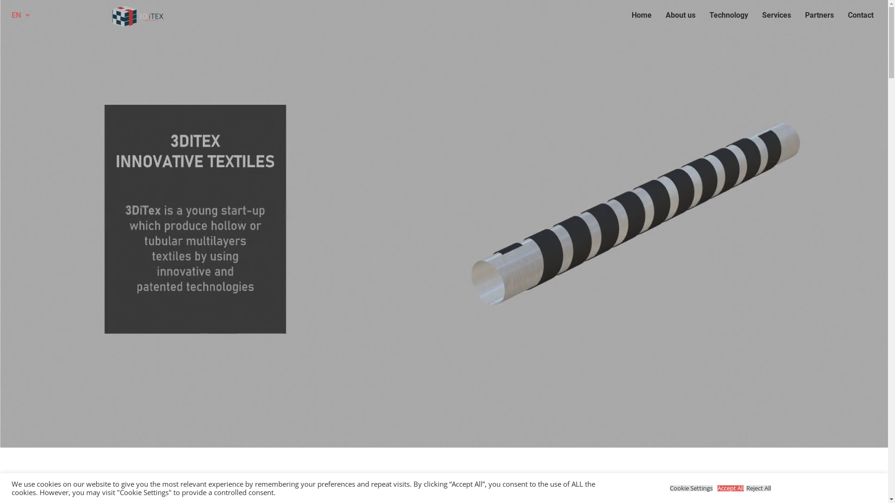 The image size is (895, 503). What do you see at coordinates (728, 15) in the screenshot?
I see `'Technology'` at bounding box center [728, 15].